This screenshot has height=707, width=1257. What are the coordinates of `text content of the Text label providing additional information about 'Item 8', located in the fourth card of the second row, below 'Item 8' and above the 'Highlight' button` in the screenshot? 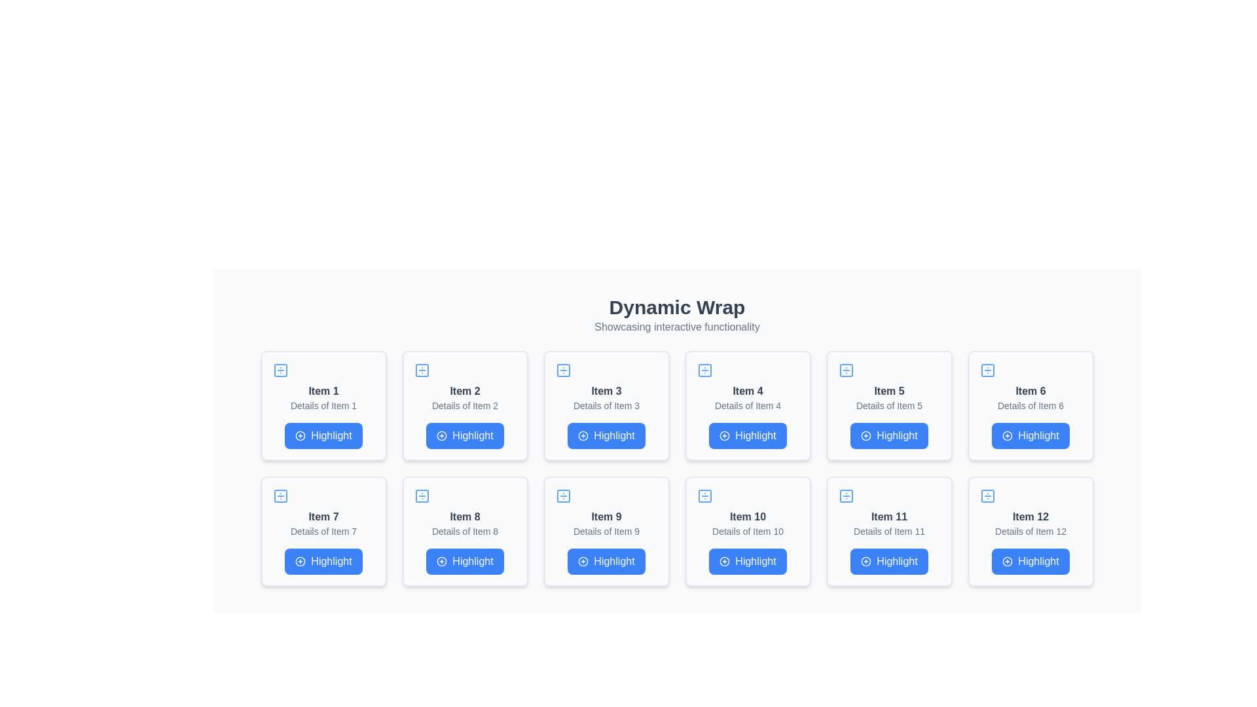 It's located at (465, 532).